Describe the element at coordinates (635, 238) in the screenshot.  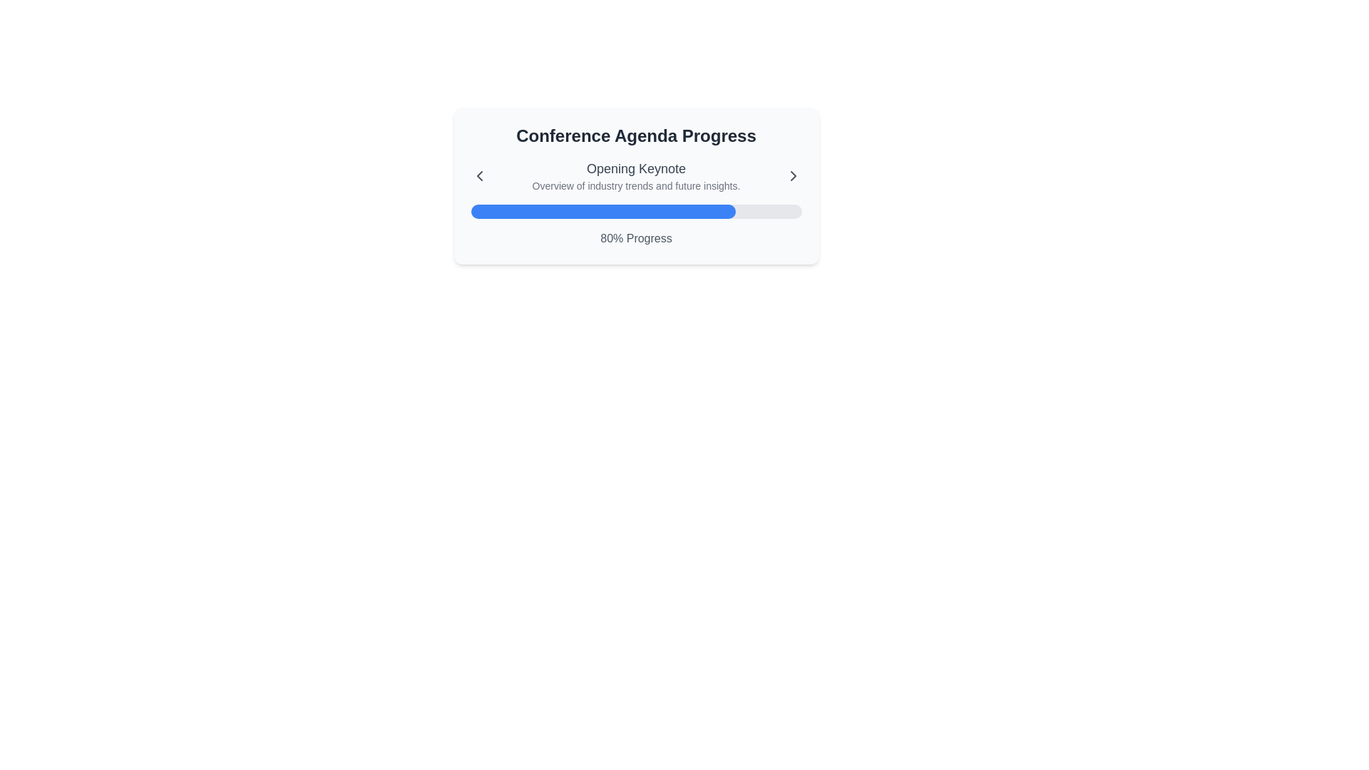
I see `the text label that displays the progress status of 80%` at that location.